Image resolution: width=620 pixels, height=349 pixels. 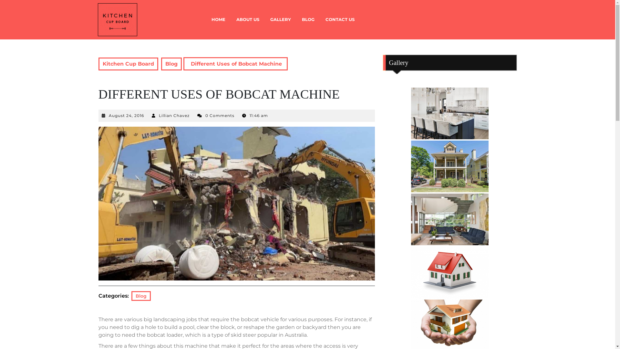 What do you see at coordinates (206, 19) in the screenshot?
I see `'HOME'` at bounding box center [206, 19].